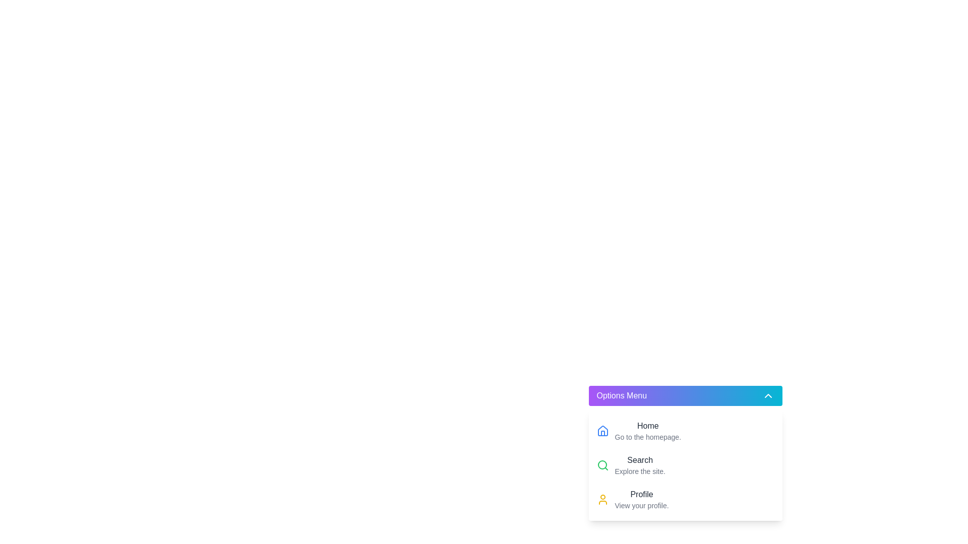 The image size is (968, 544). What do you see at coordinates (648, 436) in the screenshot?
I see `the text label reading 'Go to the homepage.' located beneath the 'Home' text in the 'Options Menu' vertical layout` at bounding box center [648, 436].